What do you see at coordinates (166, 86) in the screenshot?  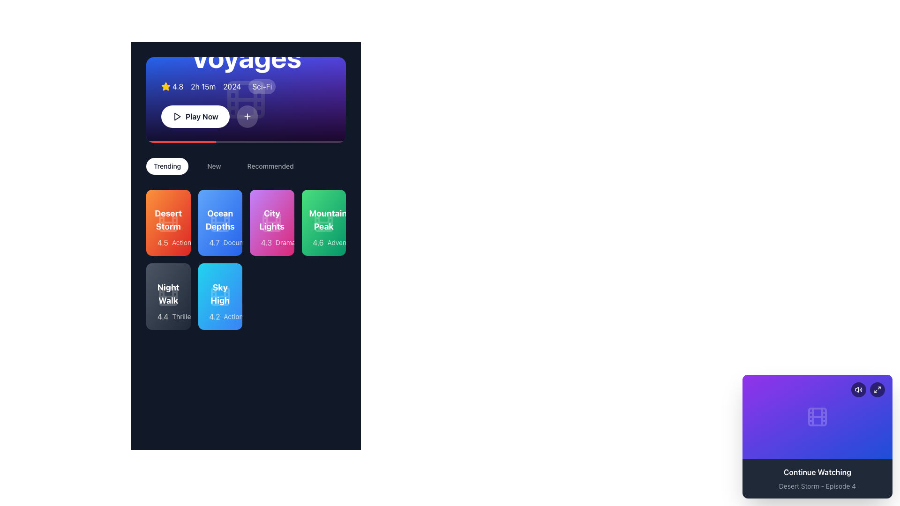 I see `the yellow star-shaped icon located to the left of the numeric rating '4.8' in the upper section of the user interface` at bounding box center [166, 86].